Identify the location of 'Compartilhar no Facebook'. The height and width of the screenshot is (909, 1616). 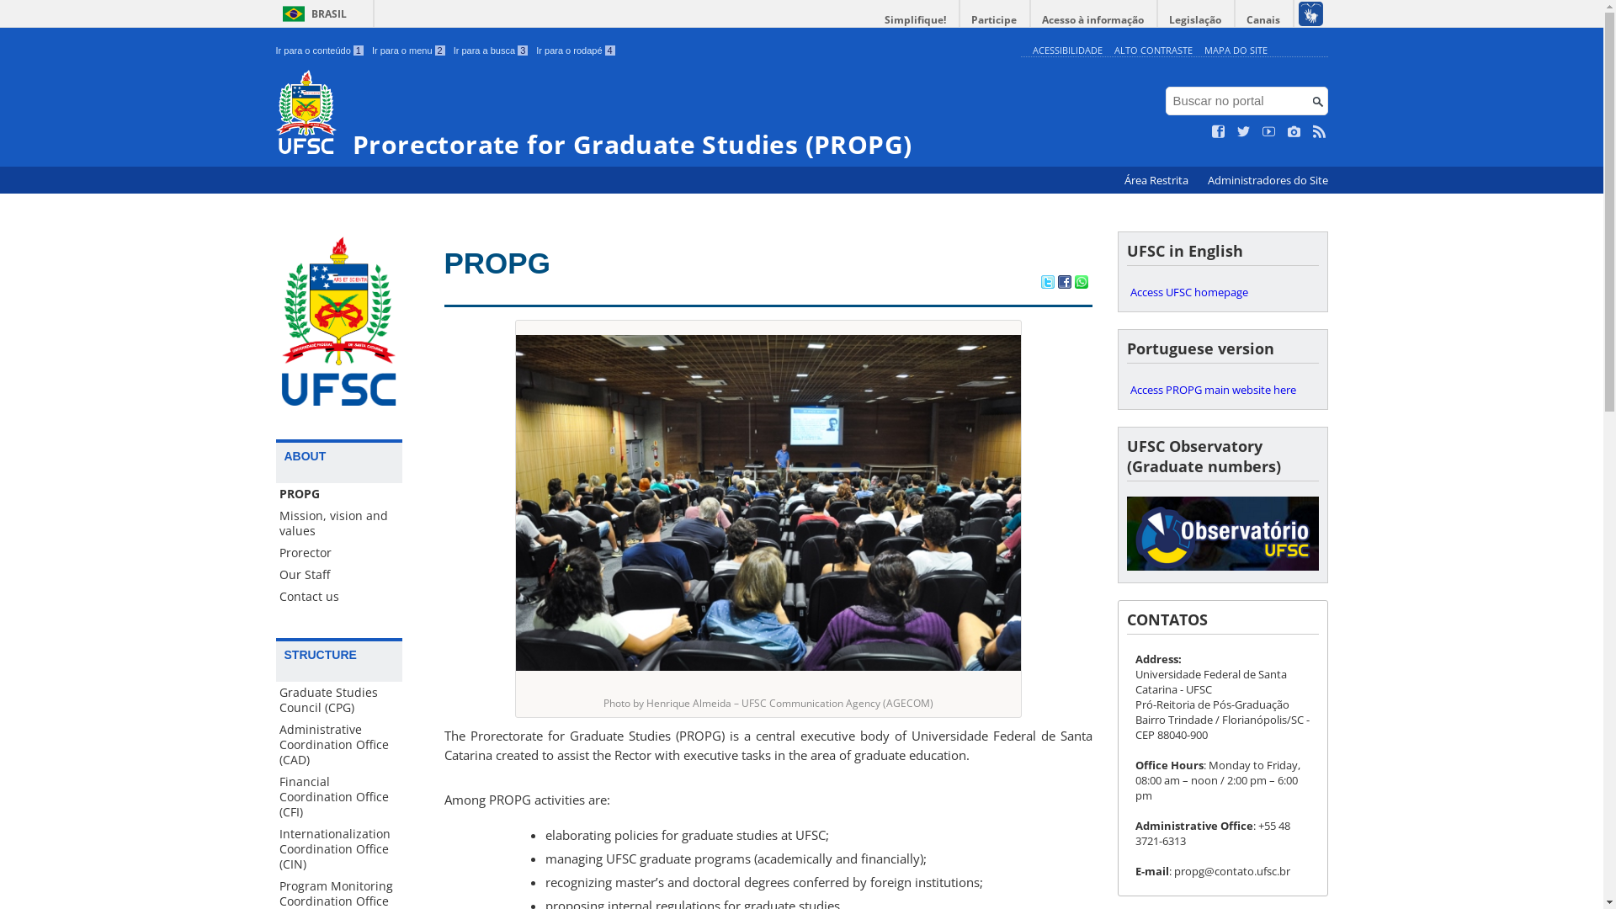
(1062, 282).